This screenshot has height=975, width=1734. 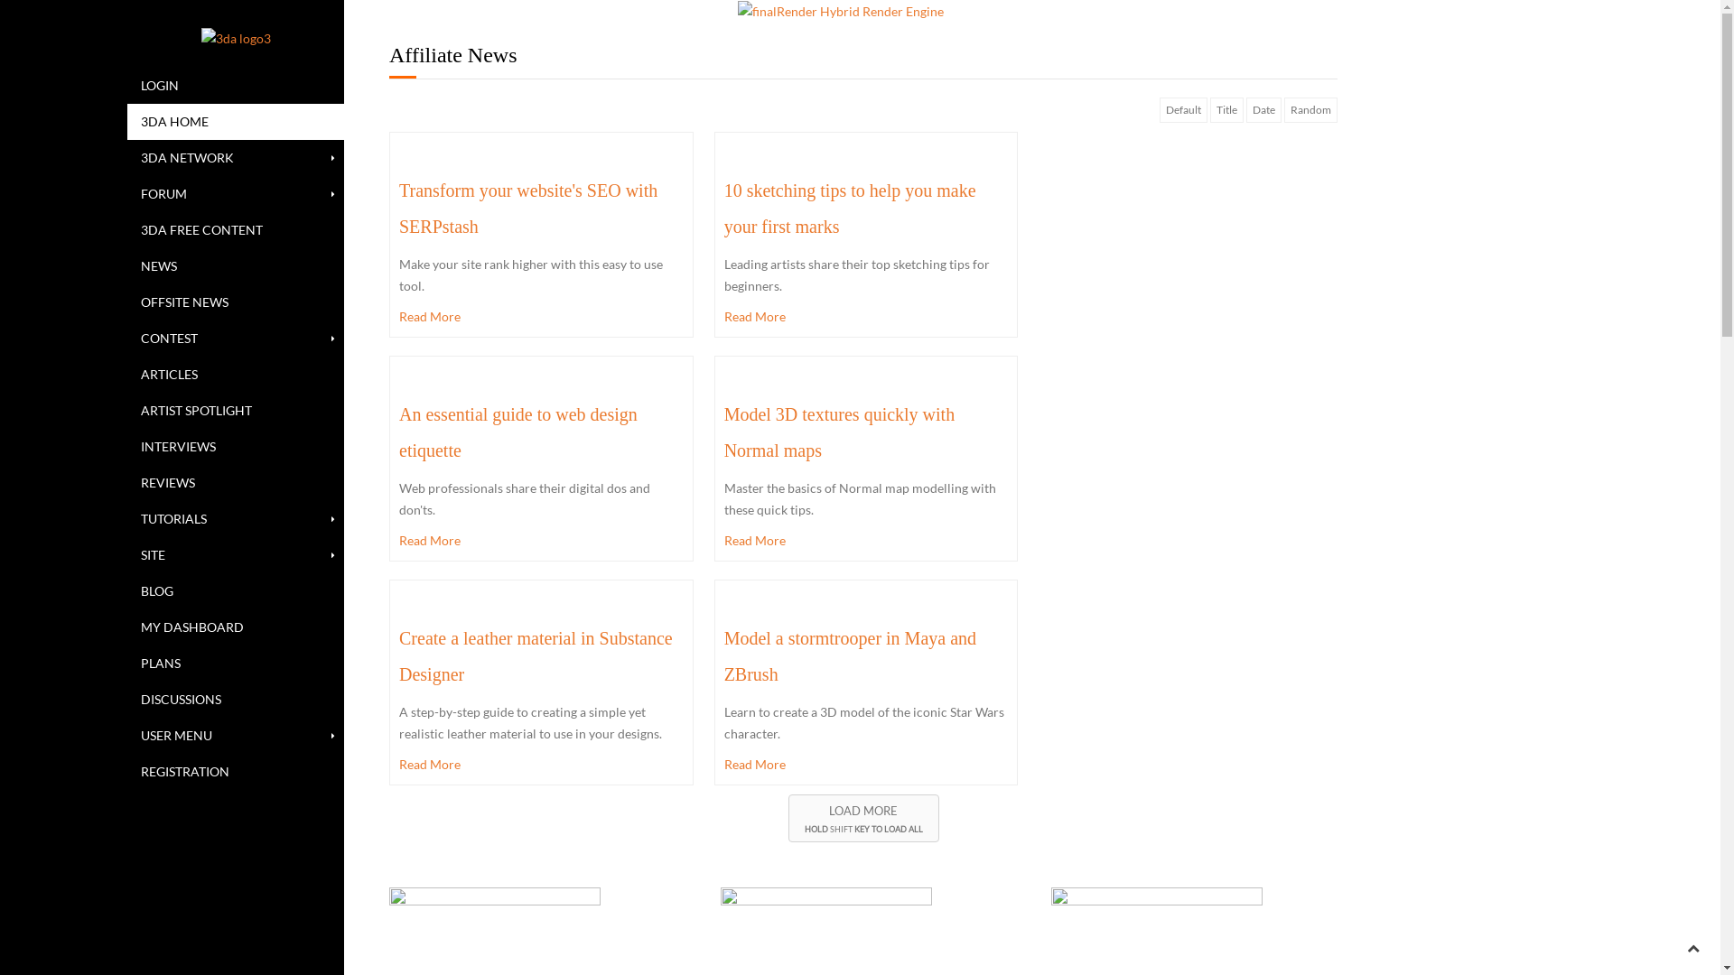 I want to click on 'MY DASHBOARD', so click(x=126, y=626).